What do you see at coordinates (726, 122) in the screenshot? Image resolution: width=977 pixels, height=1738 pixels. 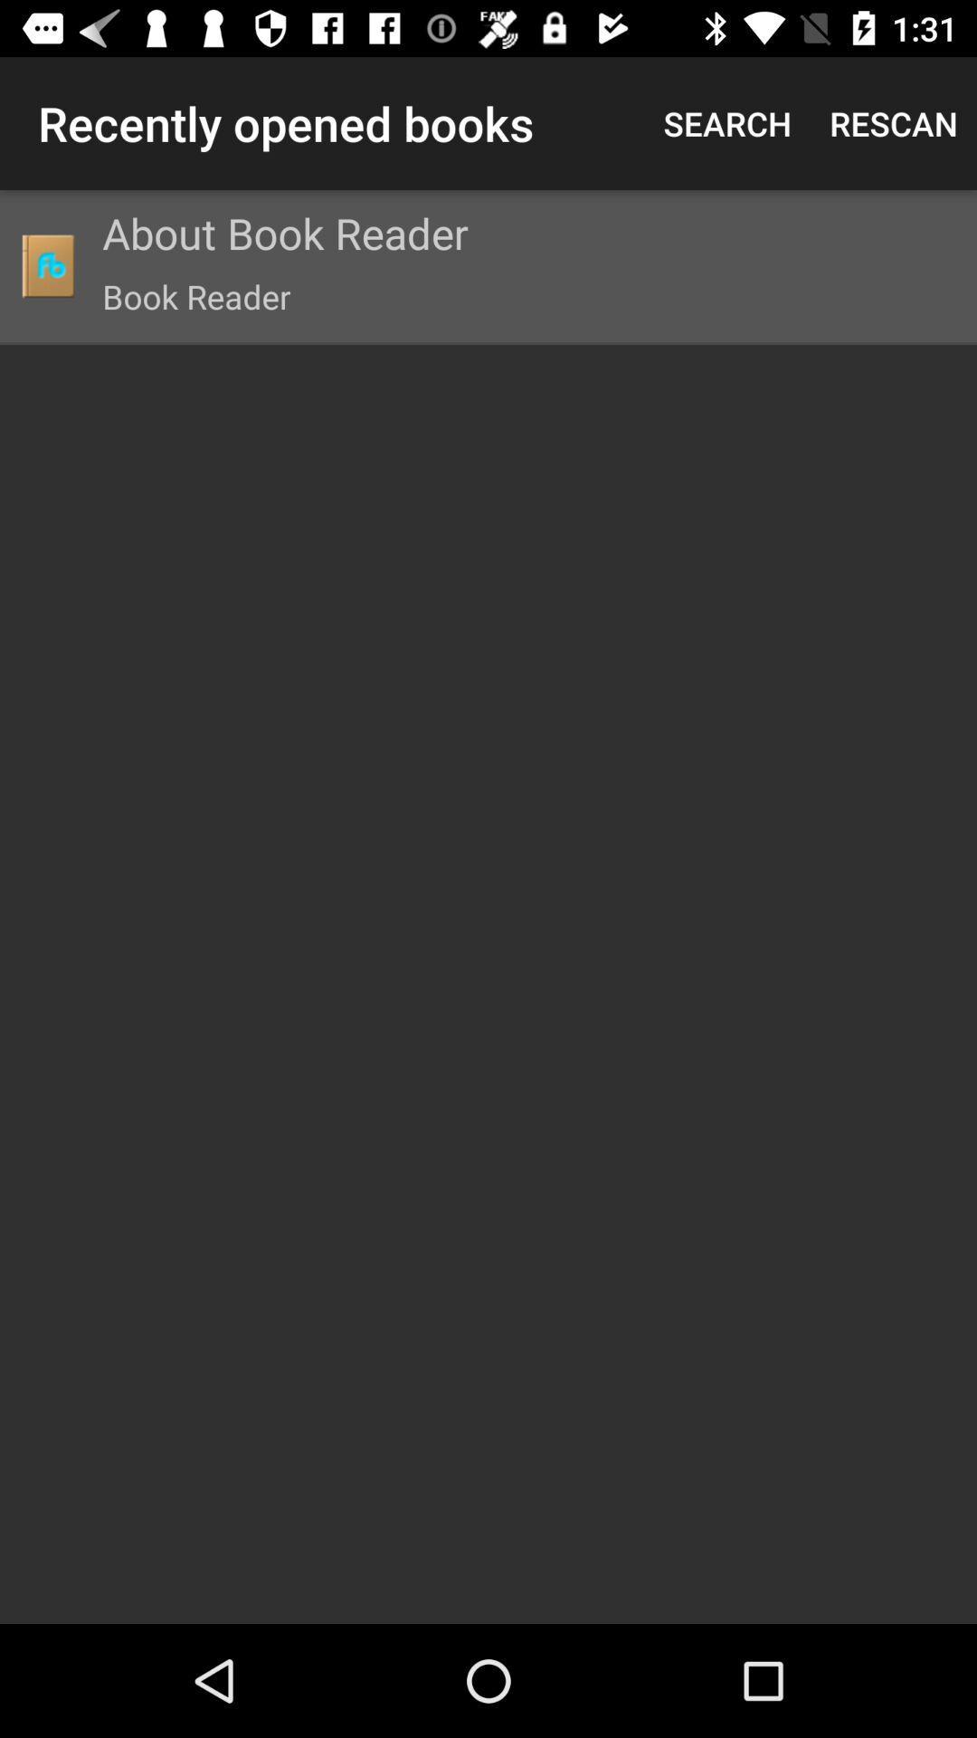 I see `the search item` at bounding box center [726, 122].